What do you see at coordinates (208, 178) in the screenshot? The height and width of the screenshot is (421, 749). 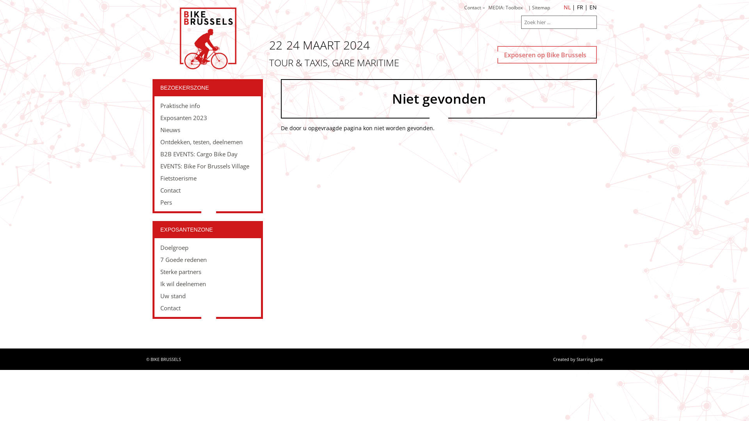 I see `'Fietstoerisme'` at bounding box center [208, 178].